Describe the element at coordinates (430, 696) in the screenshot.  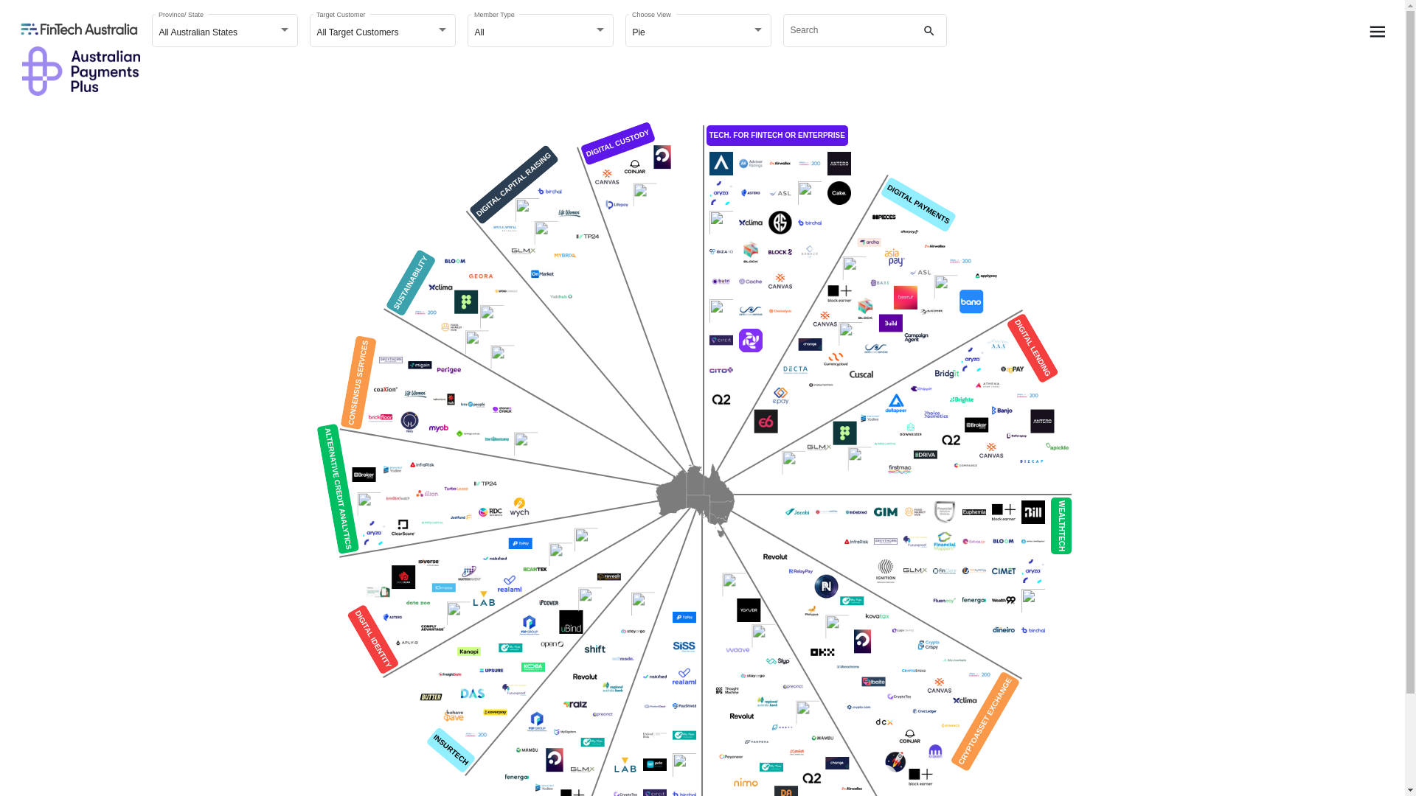
I see `'Butter Insurance'` at that location.